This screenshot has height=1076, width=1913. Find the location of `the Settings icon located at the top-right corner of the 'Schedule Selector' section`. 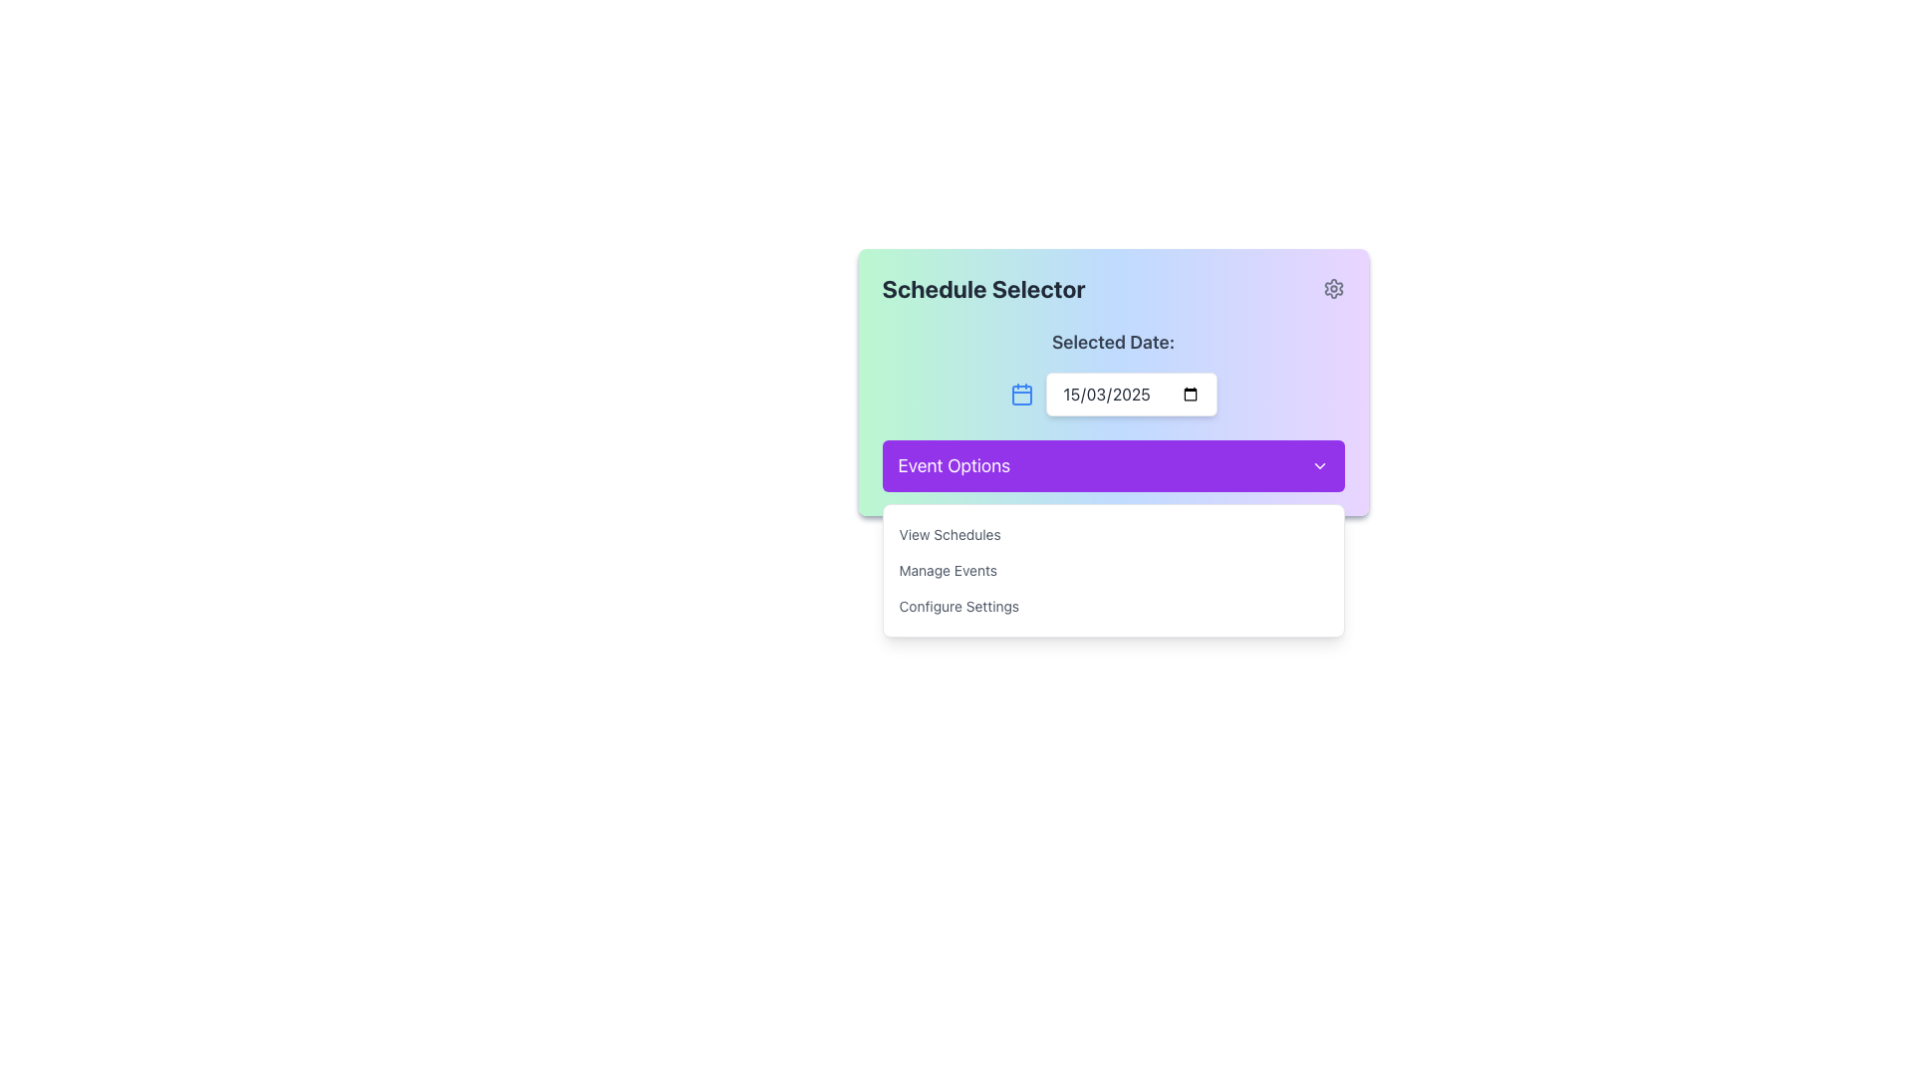

the Settings icon located at the top-right corner of the 'Schedule Selector' section is located at coordinates (1333, 288).